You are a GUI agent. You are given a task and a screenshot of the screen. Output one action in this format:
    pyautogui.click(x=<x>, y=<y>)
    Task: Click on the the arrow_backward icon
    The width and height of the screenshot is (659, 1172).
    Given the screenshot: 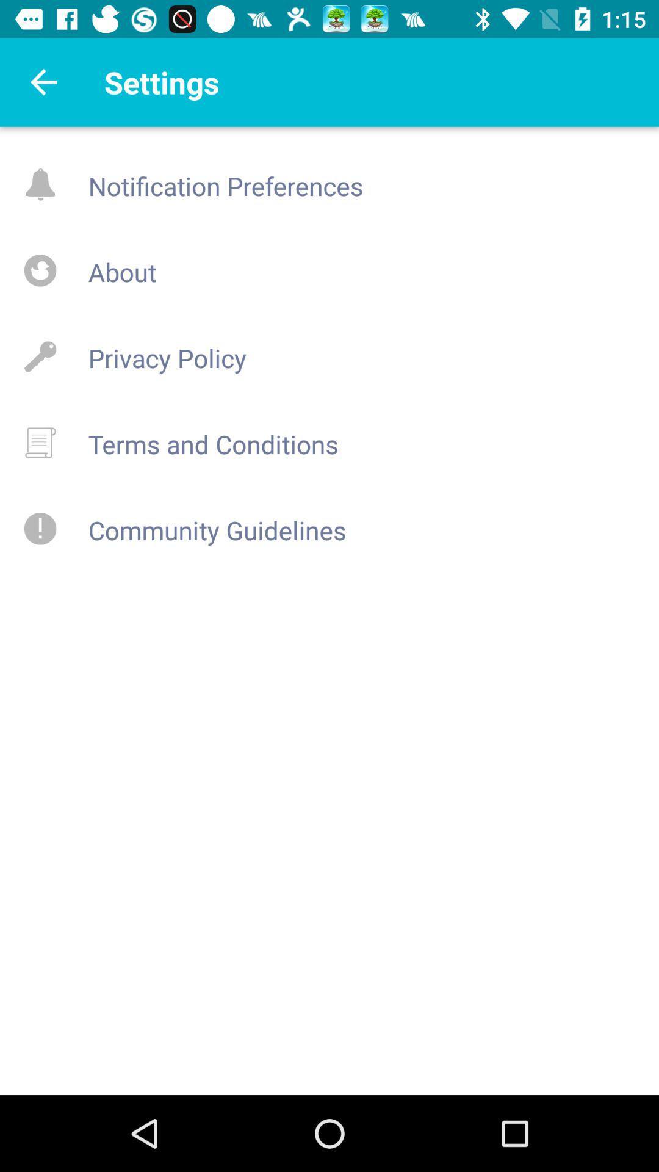 What is the action you would take?
    pyautogui.click(x=43, y=82)
    